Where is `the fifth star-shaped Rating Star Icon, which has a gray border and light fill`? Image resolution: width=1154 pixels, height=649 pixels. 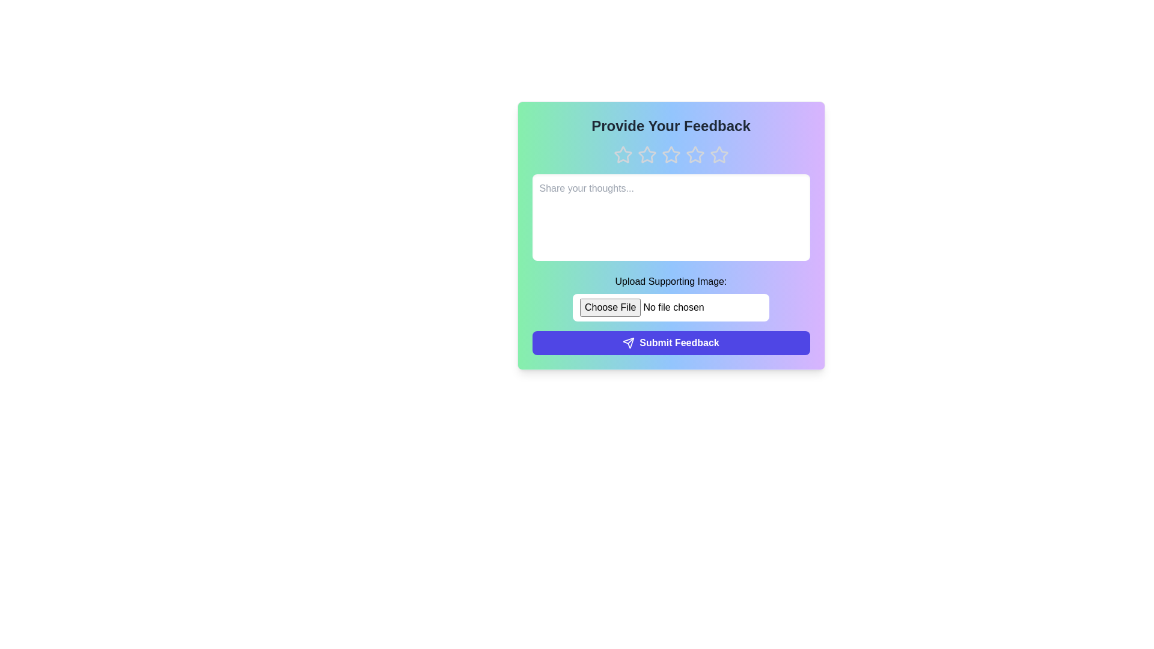
the fifth star-shaped Rating Star Icon, which has a gray border and light fill is located at coordinates (719, 154).